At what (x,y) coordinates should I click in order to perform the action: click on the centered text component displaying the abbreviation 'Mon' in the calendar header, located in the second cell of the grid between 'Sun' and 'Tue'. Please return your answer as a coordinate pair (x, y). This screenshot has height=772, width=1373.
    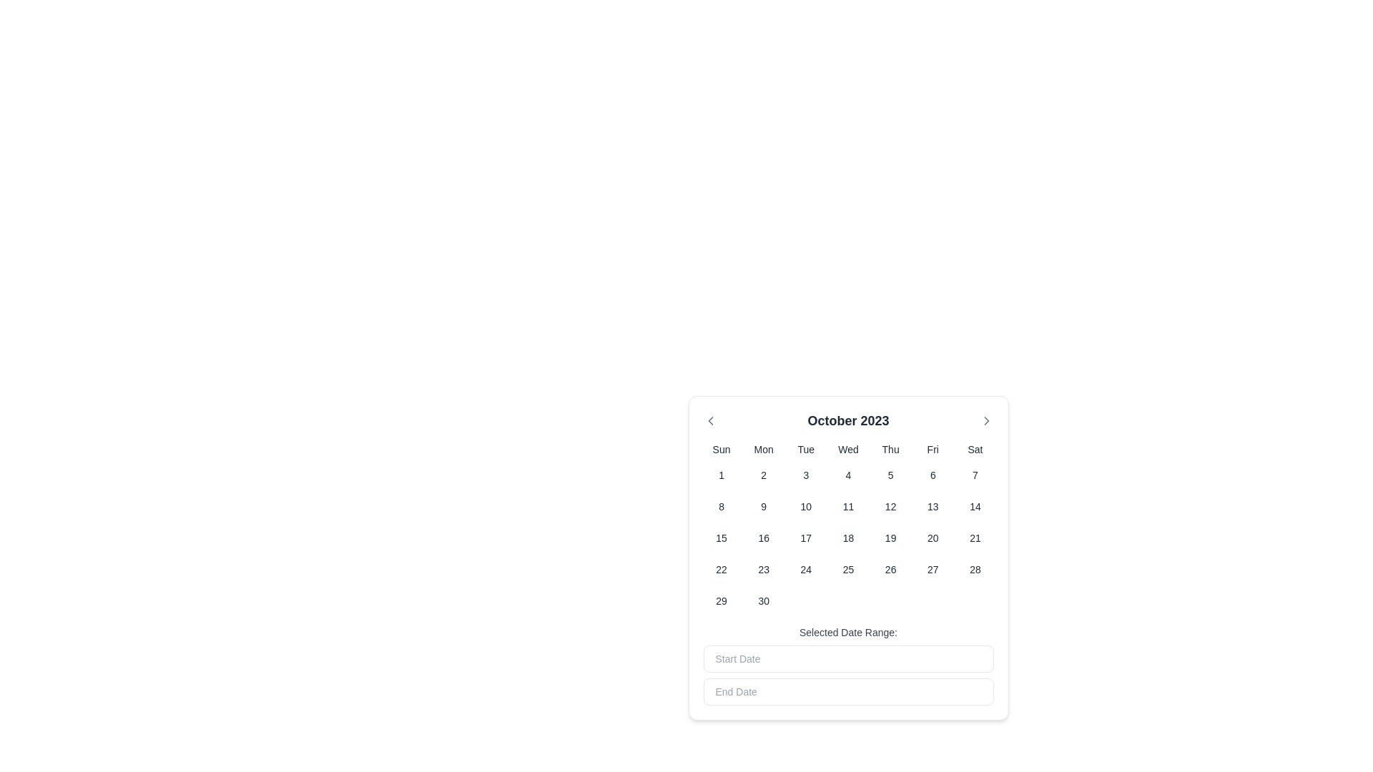
    Looking at the image, I should click on (763, 448).